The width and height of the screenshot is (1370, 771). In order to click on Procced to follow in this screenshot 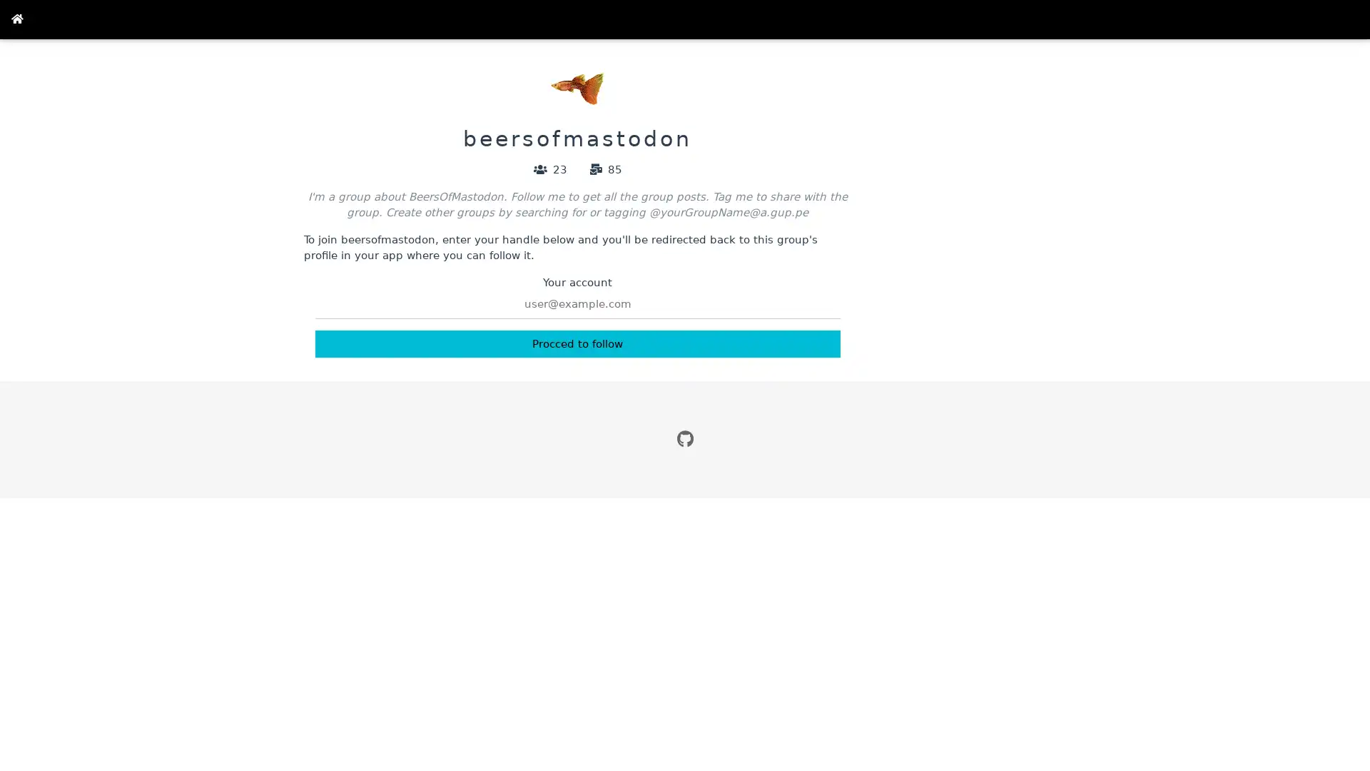, I will do `click(577, 343)`.